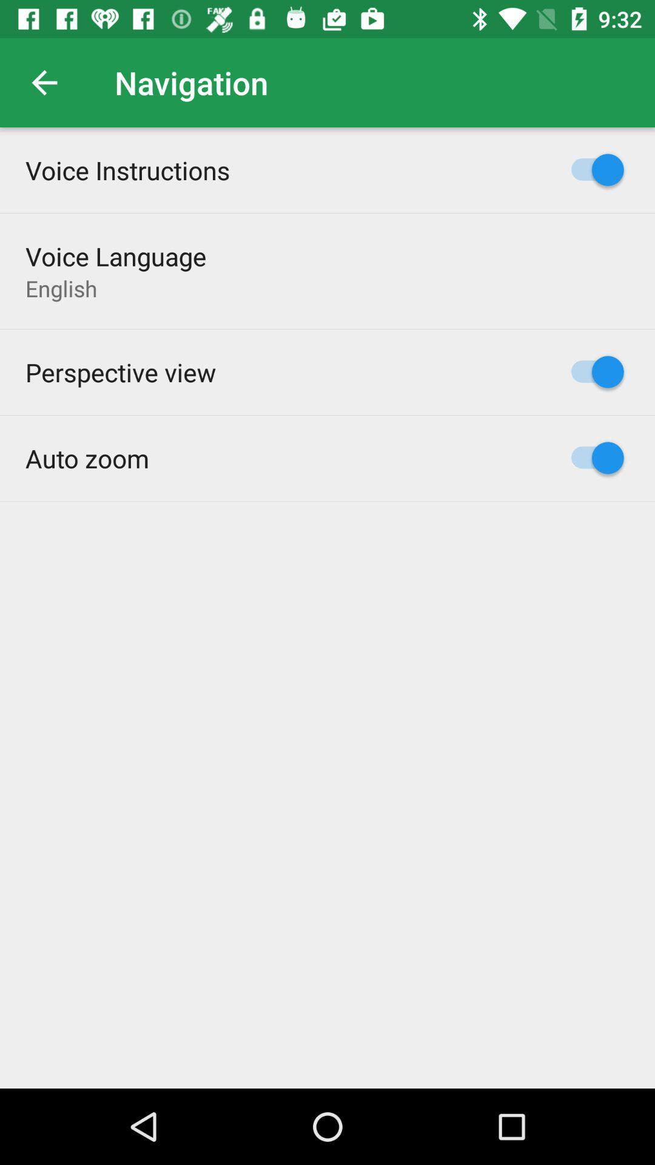 This screenshot has height=1165, width=655. I want to click on item above the auto zoom item, so click(121, 371).